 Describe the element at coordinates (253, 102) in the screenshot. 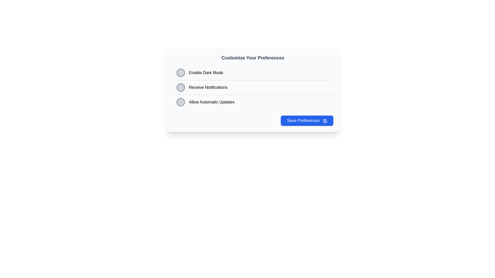

I see `the third option in the preferences list` at that location.